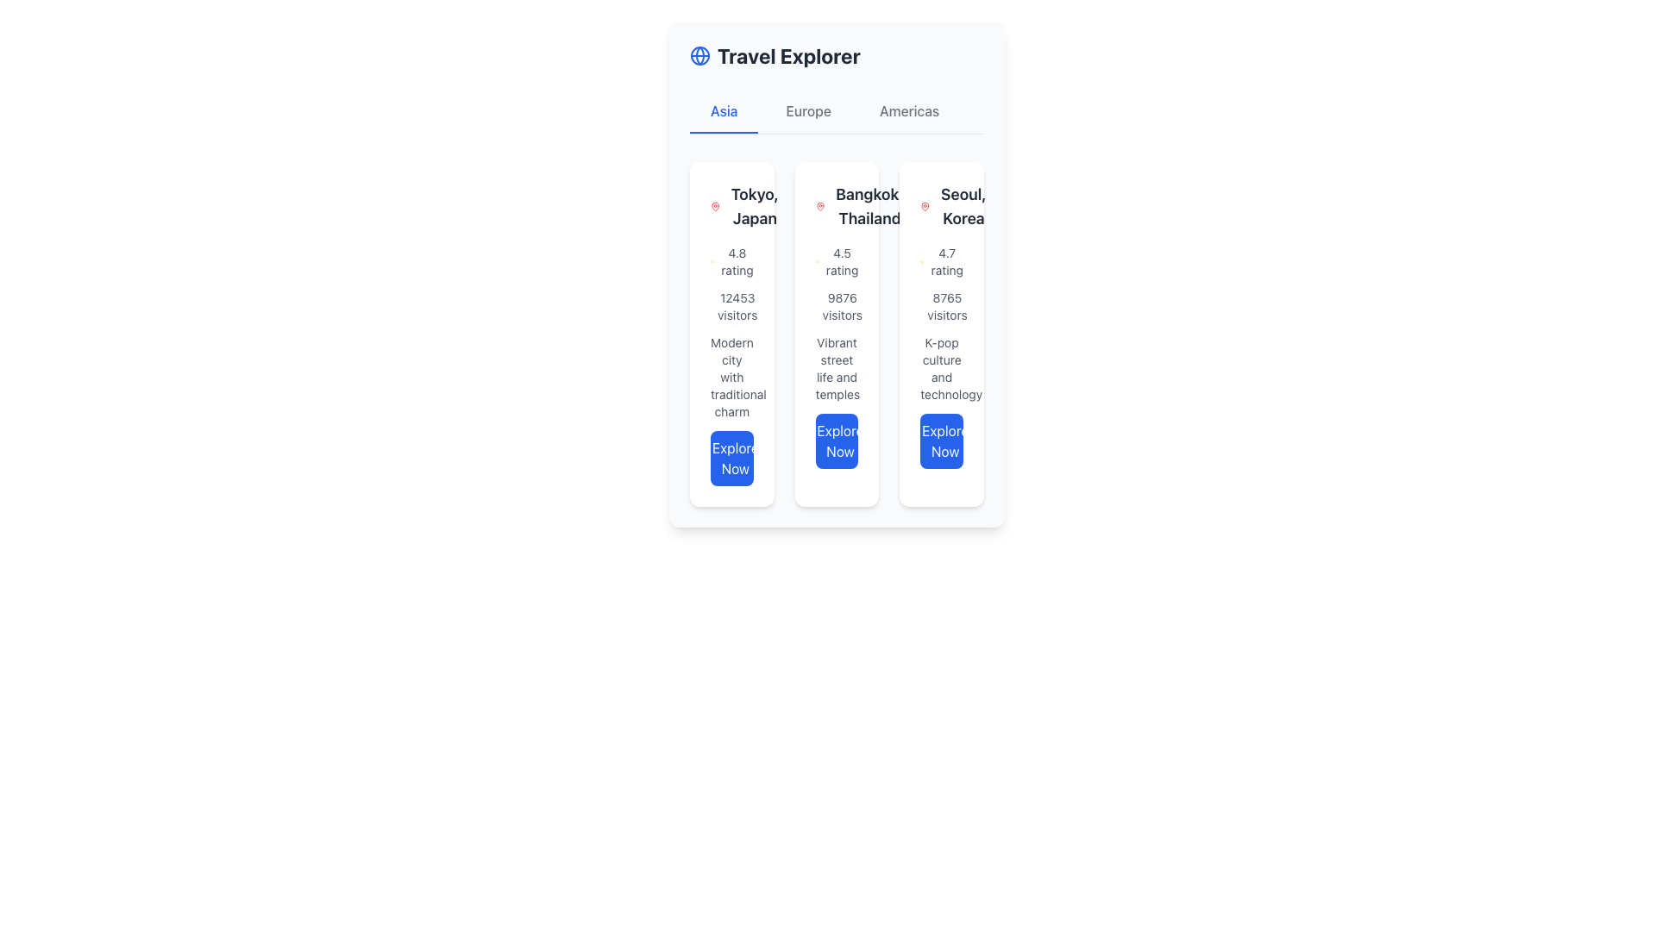  I want to click on textual information from the Bangkok, Thailand Card component, which is the second panel in the grid layout, featuring details about the location, rating, number of visitors, and a description, so click(837, 334).